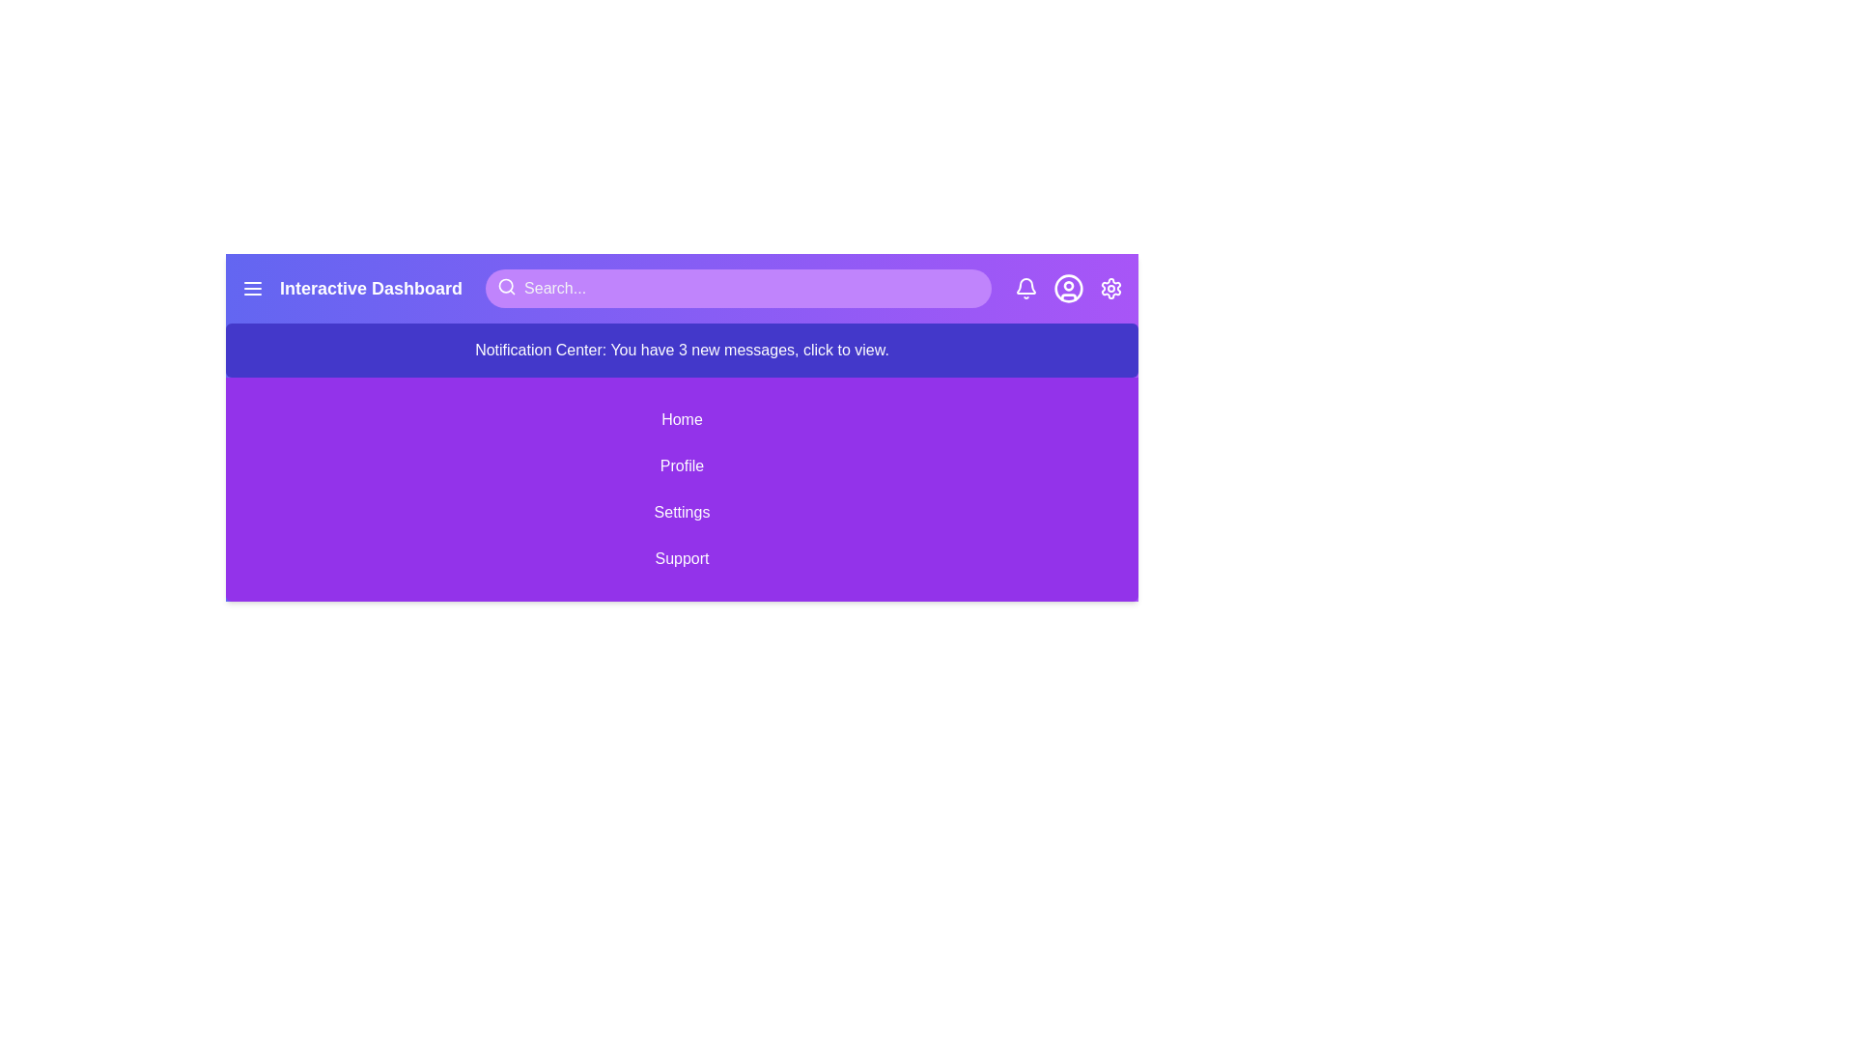 Image resolution: width=1854 pixels, height=1043 pixels. I want to click on the search input field to focus it, so click(737, 289).